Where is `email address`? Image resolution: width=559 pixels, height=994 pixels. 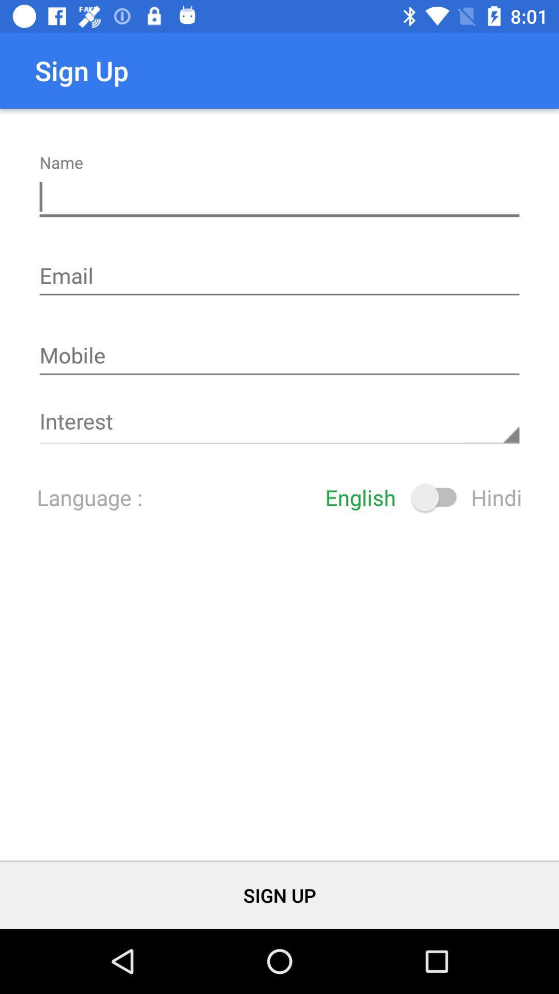 email address is located at coordinates (279, 277).